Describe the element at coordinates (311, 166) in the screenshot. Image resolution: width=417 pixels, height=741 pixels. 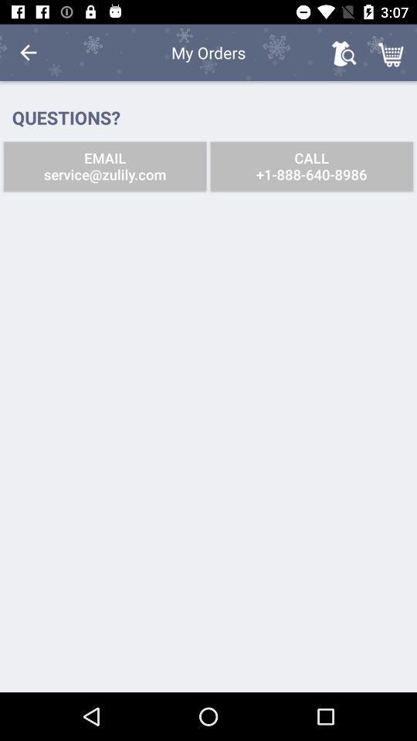
I see `icon next to the email service zulily` at that location.